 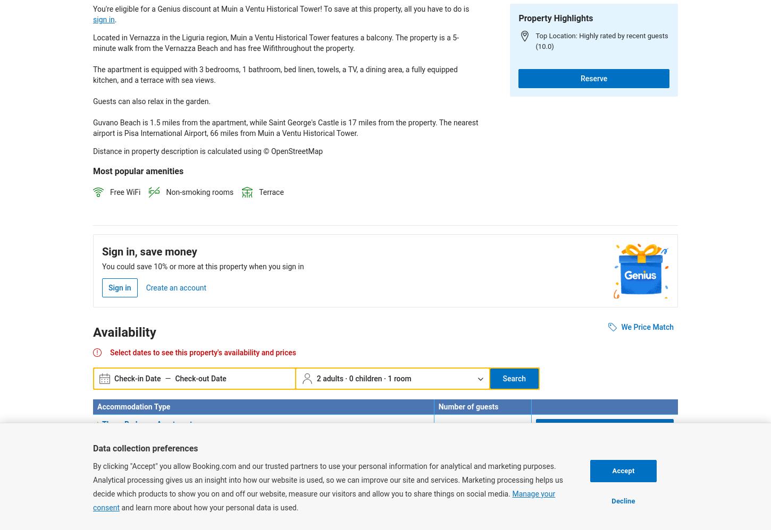 I want to click on 'Sign in, save money', so click(x=101, y=251).